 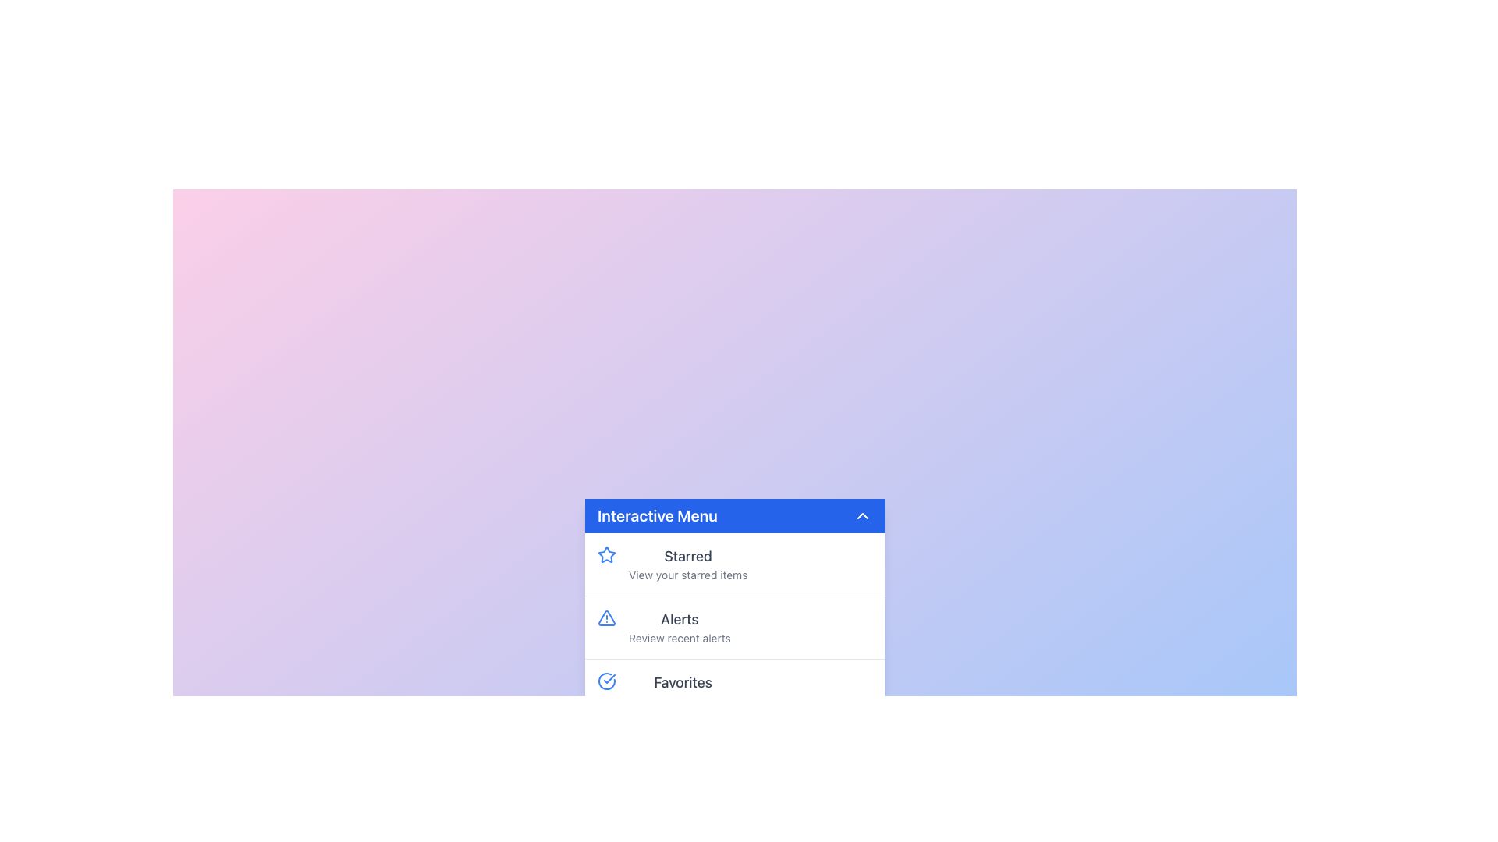 I want to click on the descriptive Text Label located beneath the 'Starred' title in the dropdown menu, which provides context about viewing starred items, so click(x=687, y=575).